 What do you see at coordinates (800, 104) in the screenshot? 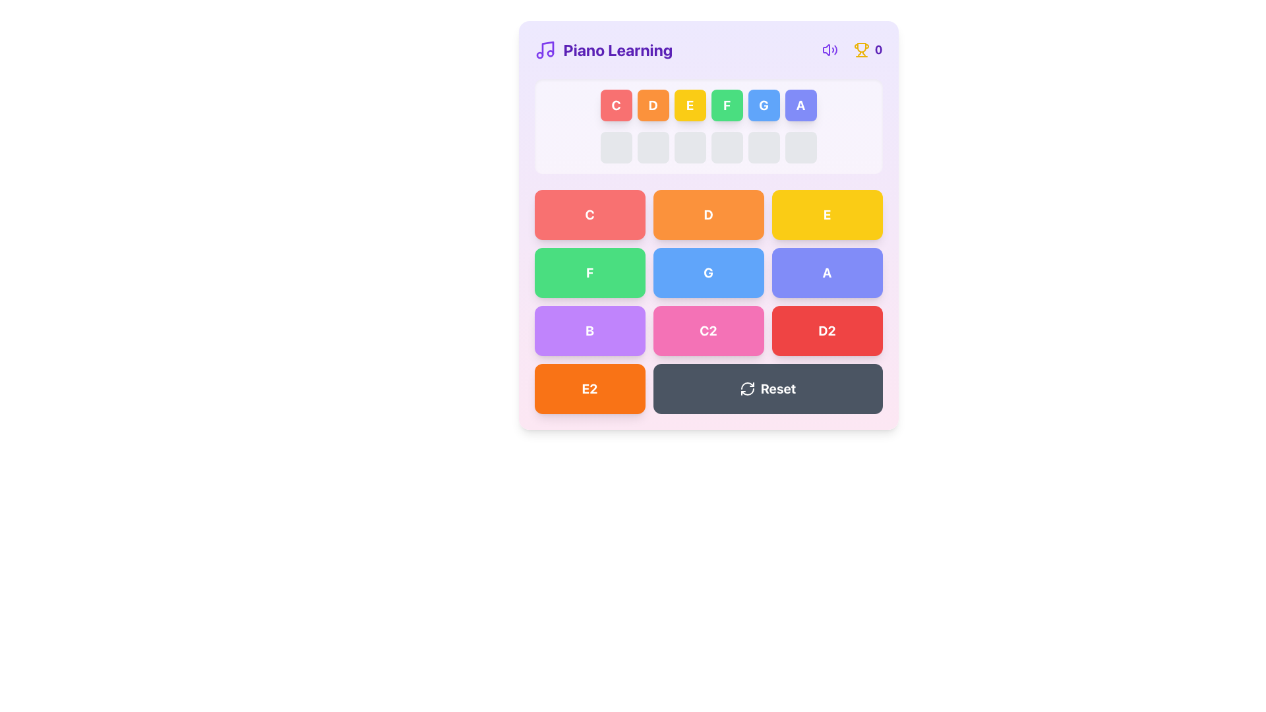
I see `the square-shaped button with a light indigo background and the bold uppercase letter 'A' to observe visual feedback` at bounding box center [800, 104].